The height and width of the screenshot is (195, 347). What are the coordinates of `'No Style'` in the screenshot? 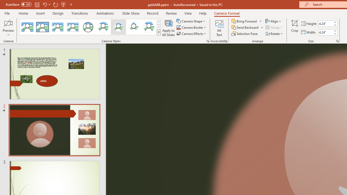 It's located at (27, 27).